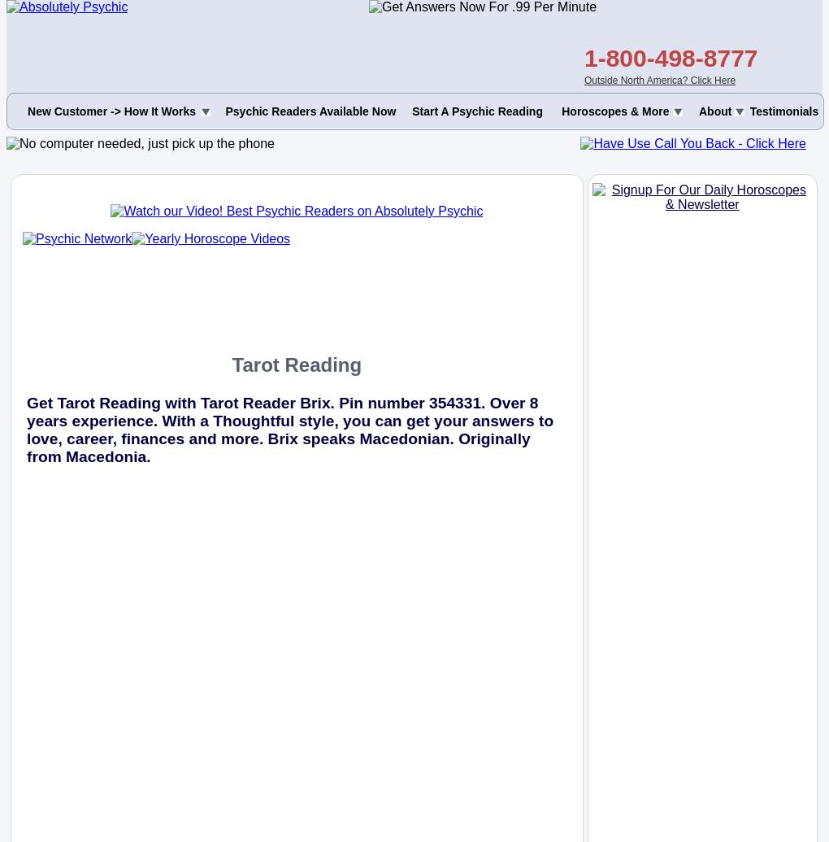  What do you see at coordinates (162, 70) in the screenshot?
I see `'Please enter your 10 digit phone number'` at bounding box center [162, 70].